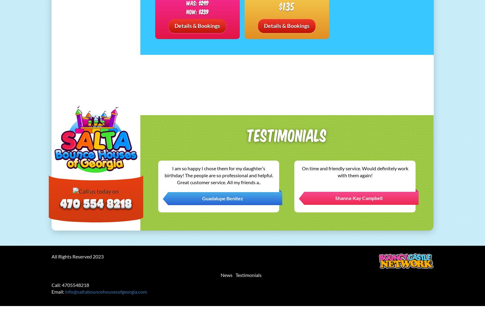 Image resolution: width=485 pixels, height=313 pixels. Describe the element at coordinates (51, 256) in the screenshot. I see `'All Rights Reserved 2023'` at that location.